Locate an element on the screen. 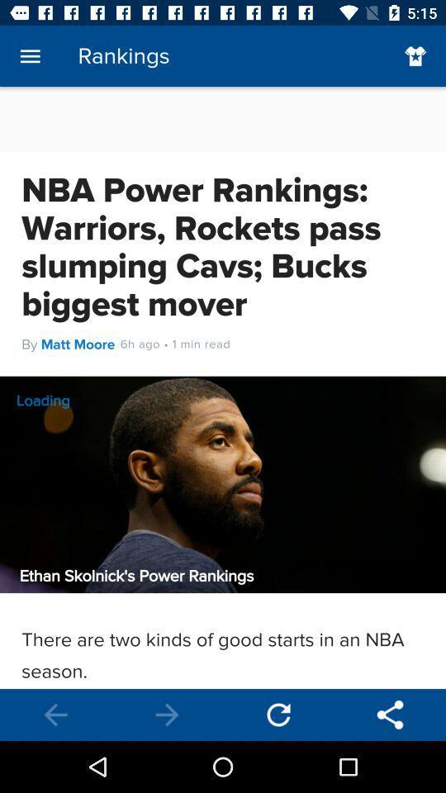 This screenshot has width=446, height=793. refresh is located at coordinates (278, 714).